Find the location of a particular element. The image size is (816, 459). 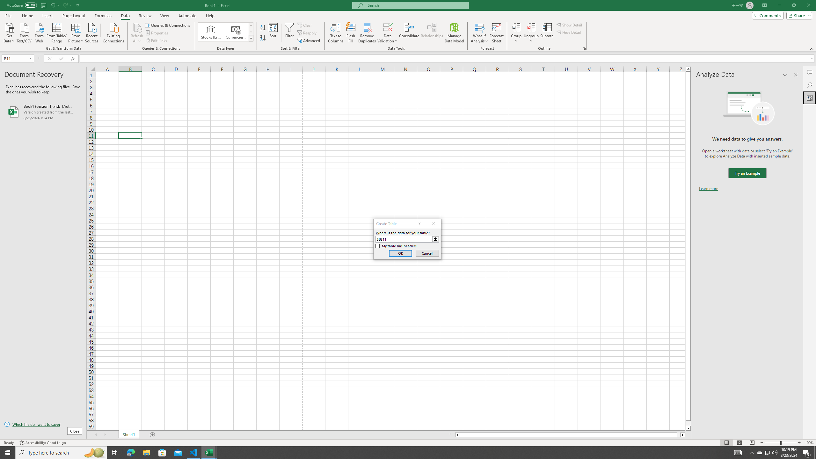

'Text to Columns...' is located at coordinates (335, 33).